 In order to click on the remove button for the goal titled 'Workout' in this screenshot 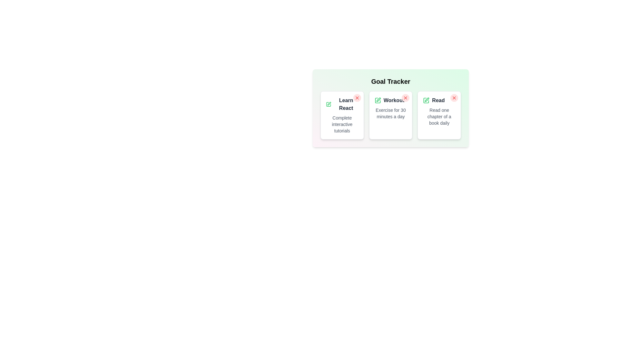, I will do `click(405, 98)`.